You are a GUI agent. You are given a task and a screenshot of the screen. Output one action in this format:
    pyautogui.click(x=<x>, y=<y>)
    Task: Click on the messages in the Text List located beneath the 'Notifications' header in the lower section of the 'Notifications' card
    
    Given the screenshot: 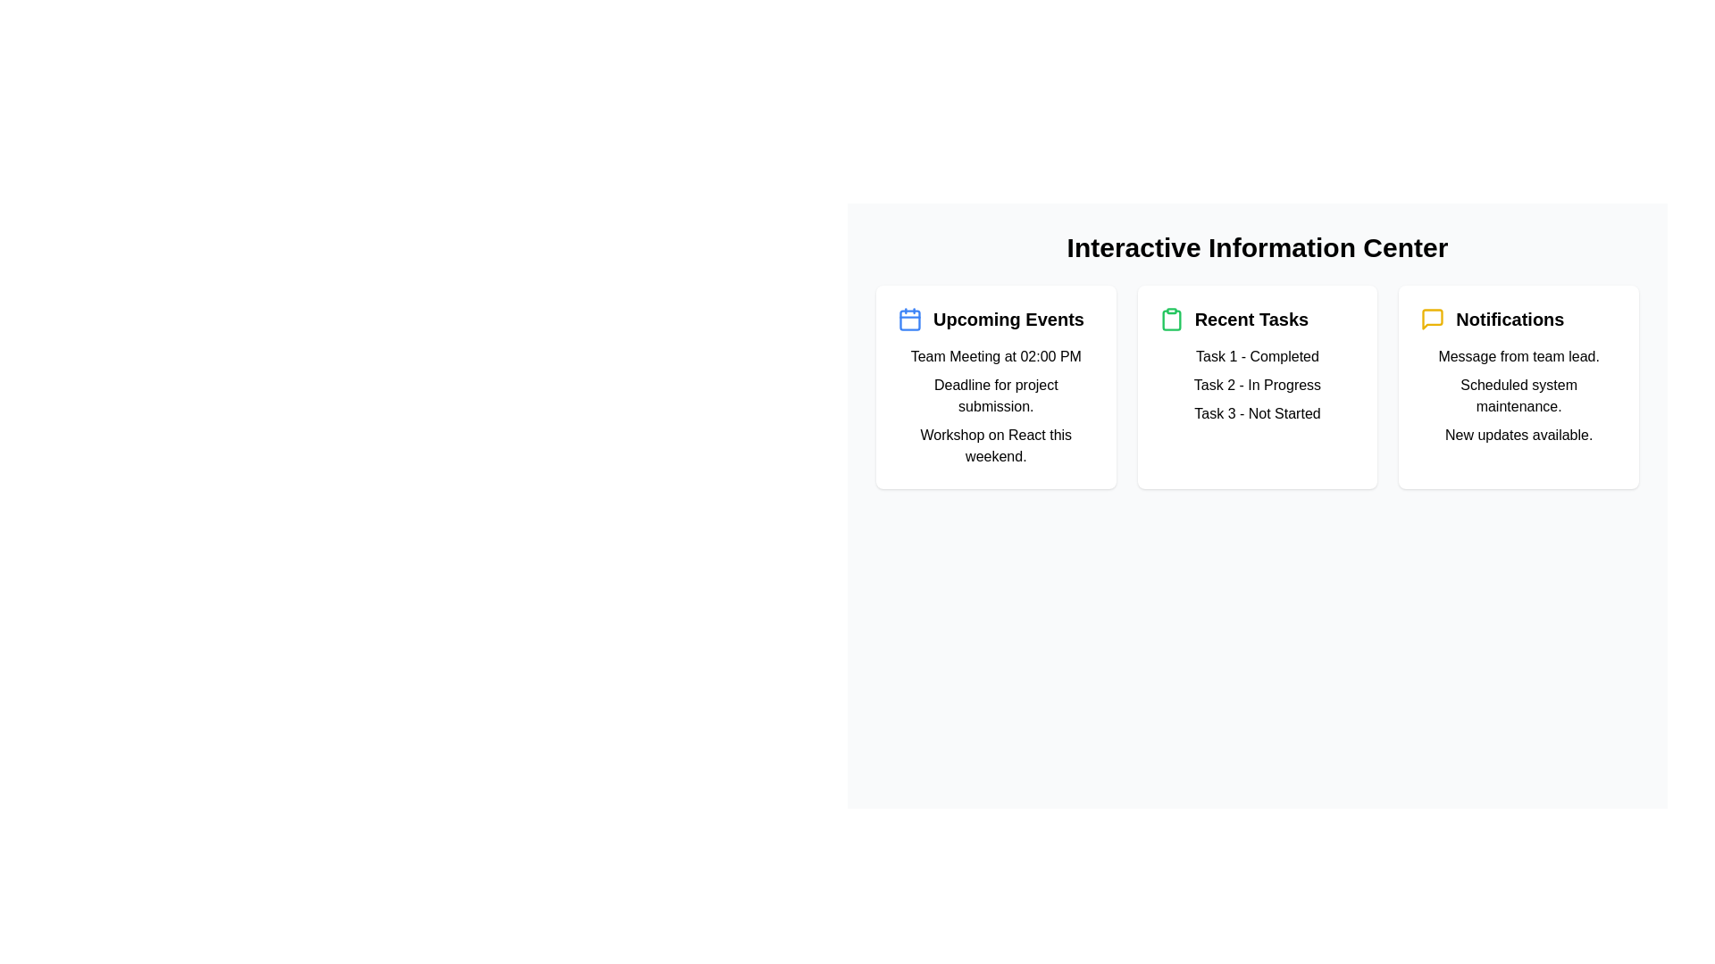 What is the action you would take?
    pyautogui.click(x=1518, y=395)
    